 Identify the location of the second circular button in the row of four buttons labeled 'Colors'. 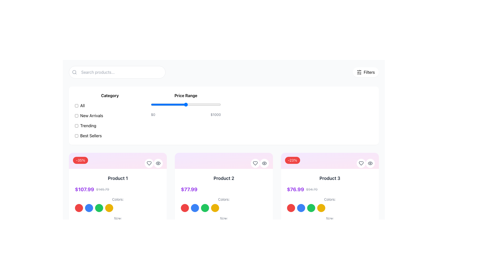
(89, 208).